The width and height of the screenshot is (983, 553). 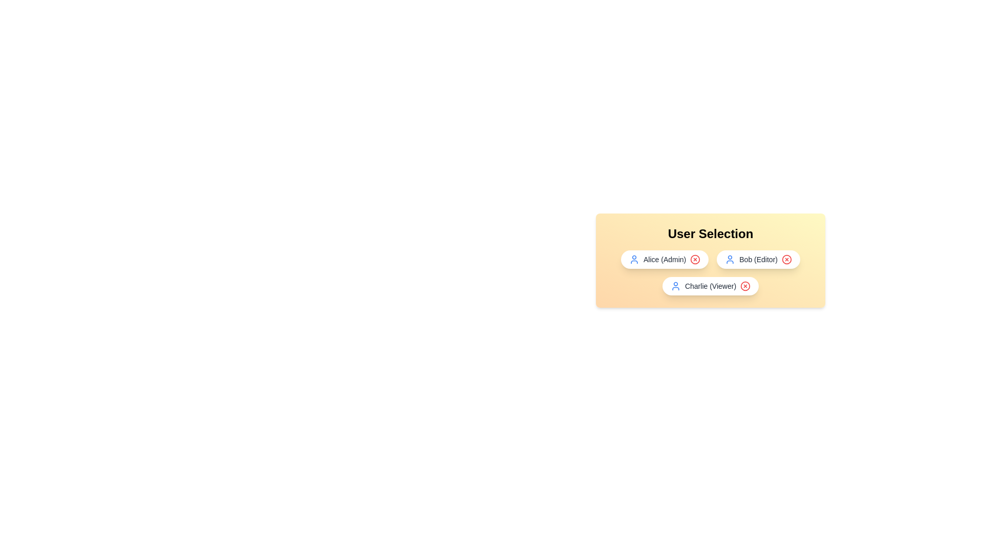 What do you see at coordinates (633, 259) in the screenshot?
I see `the user icon for Alice (Admin)` at bounding box center [633, 259].